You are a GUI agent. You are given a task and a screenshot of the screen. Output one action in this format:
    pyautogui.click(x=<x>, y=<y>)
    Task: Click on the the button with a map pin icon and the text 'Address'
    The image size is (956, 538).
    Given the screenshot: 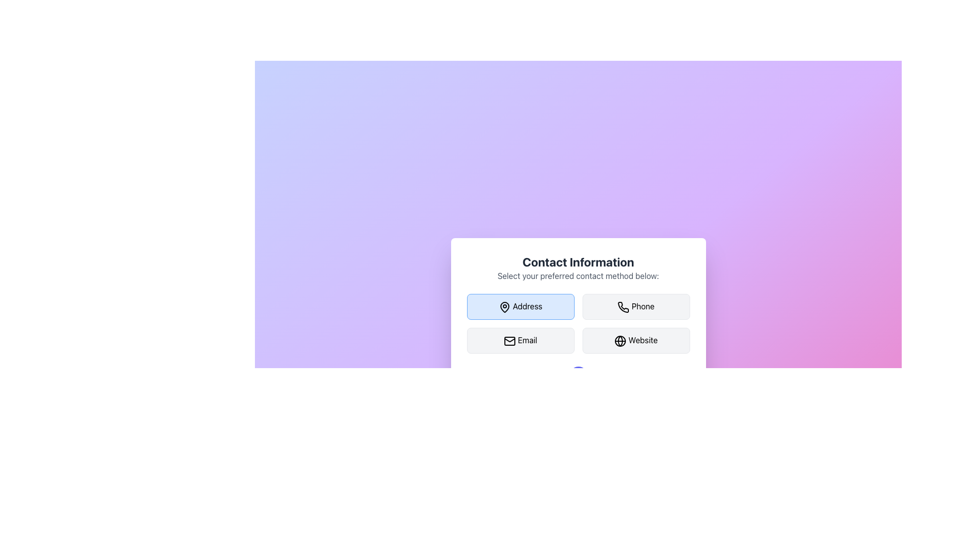 What is the action you would take?
    pyautogui.click(x=520, y=306)
    